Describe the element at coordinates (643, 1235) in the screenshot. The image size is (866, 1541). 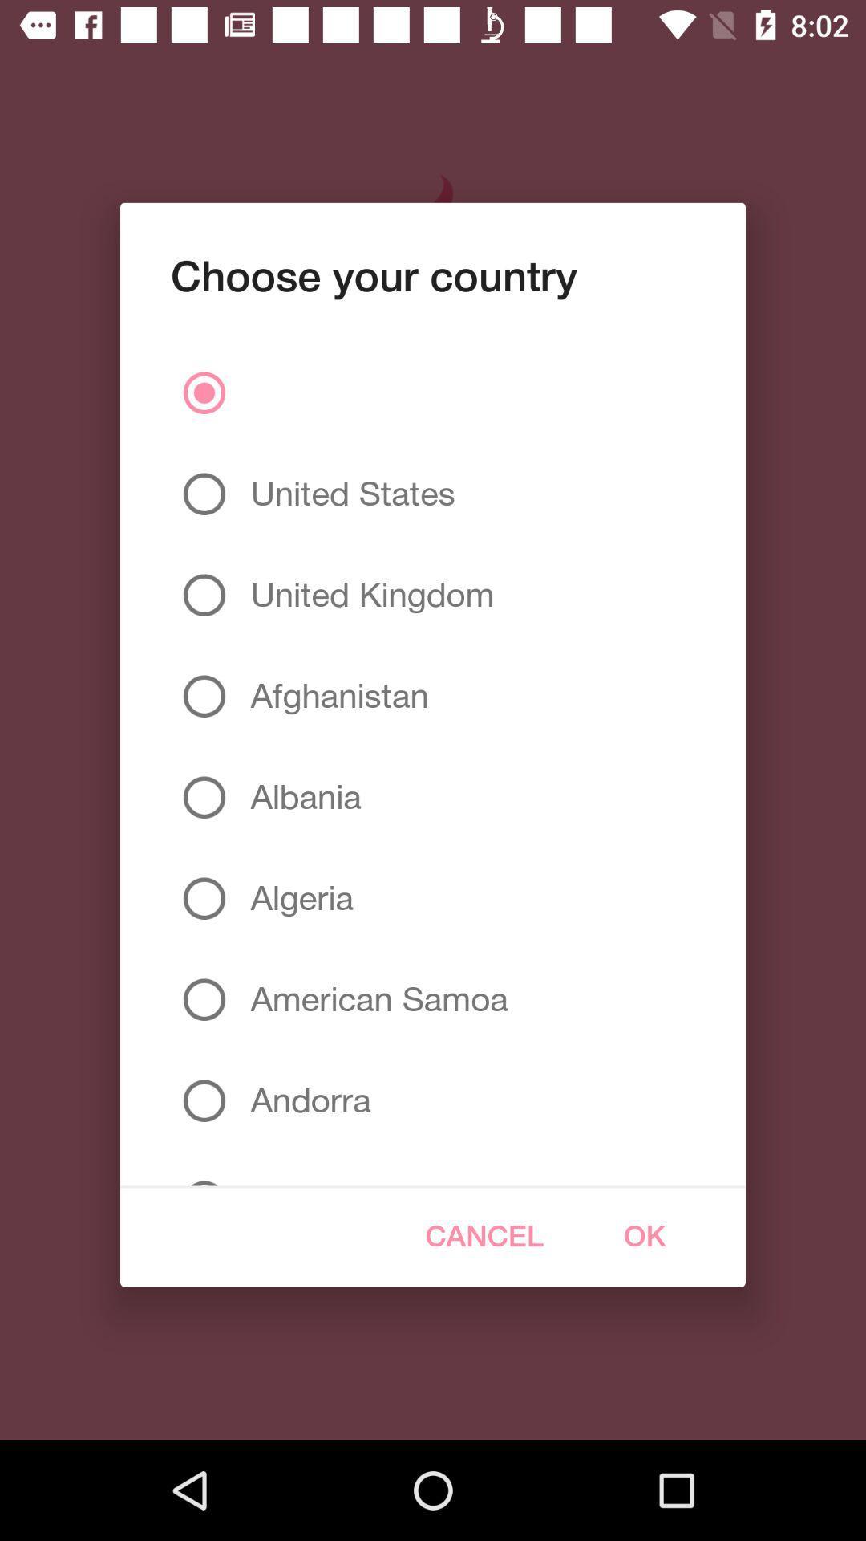
I see `icon to the right of cancel icon` at that location.